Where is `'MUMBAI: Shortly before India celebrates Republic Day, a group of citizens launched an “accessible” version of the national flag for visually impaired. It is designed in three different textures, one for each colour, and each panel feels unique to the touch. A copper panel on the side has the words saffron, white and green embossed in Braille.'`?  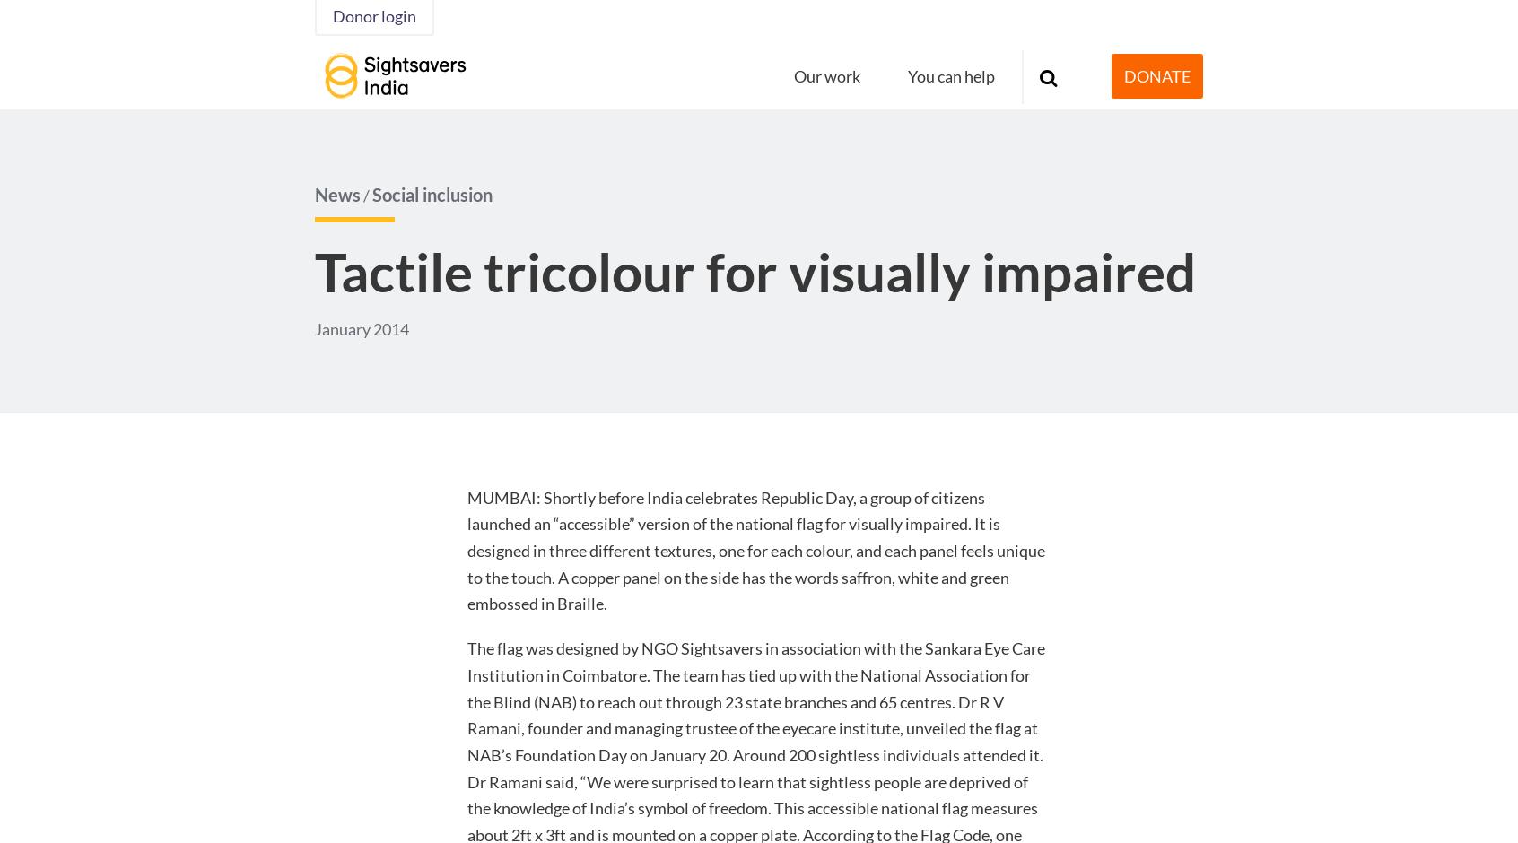
'MUMBAI: Shortly before India celebrates Republic Day, a group of citizens launched an “accessible” version of the national flag for visually impaired. It is designed in three different textures, one for each colour, and each panel feels unique to the touch. A copper panel on the side has the words saffron, white and green embossed in Braille.' is located at coordinates (466, 549).